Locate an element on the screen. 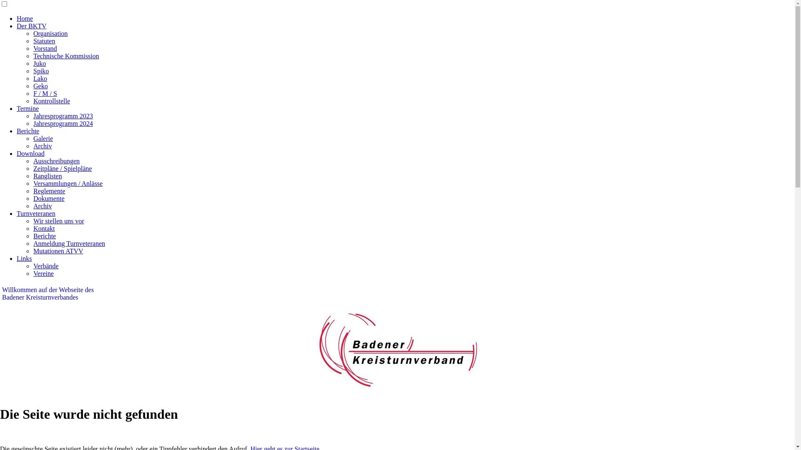 The height and width of the screenshot is (450, 801). 'Lako' is located at coordinates (40, 78).